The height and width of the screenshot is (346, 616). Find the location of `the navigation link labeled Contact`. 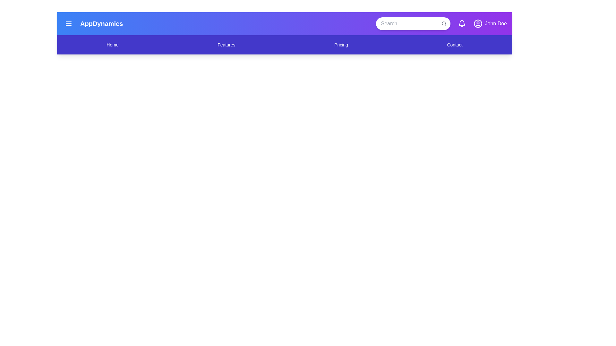

the navigation link labeled Contact is located at coordinates (454, 44).